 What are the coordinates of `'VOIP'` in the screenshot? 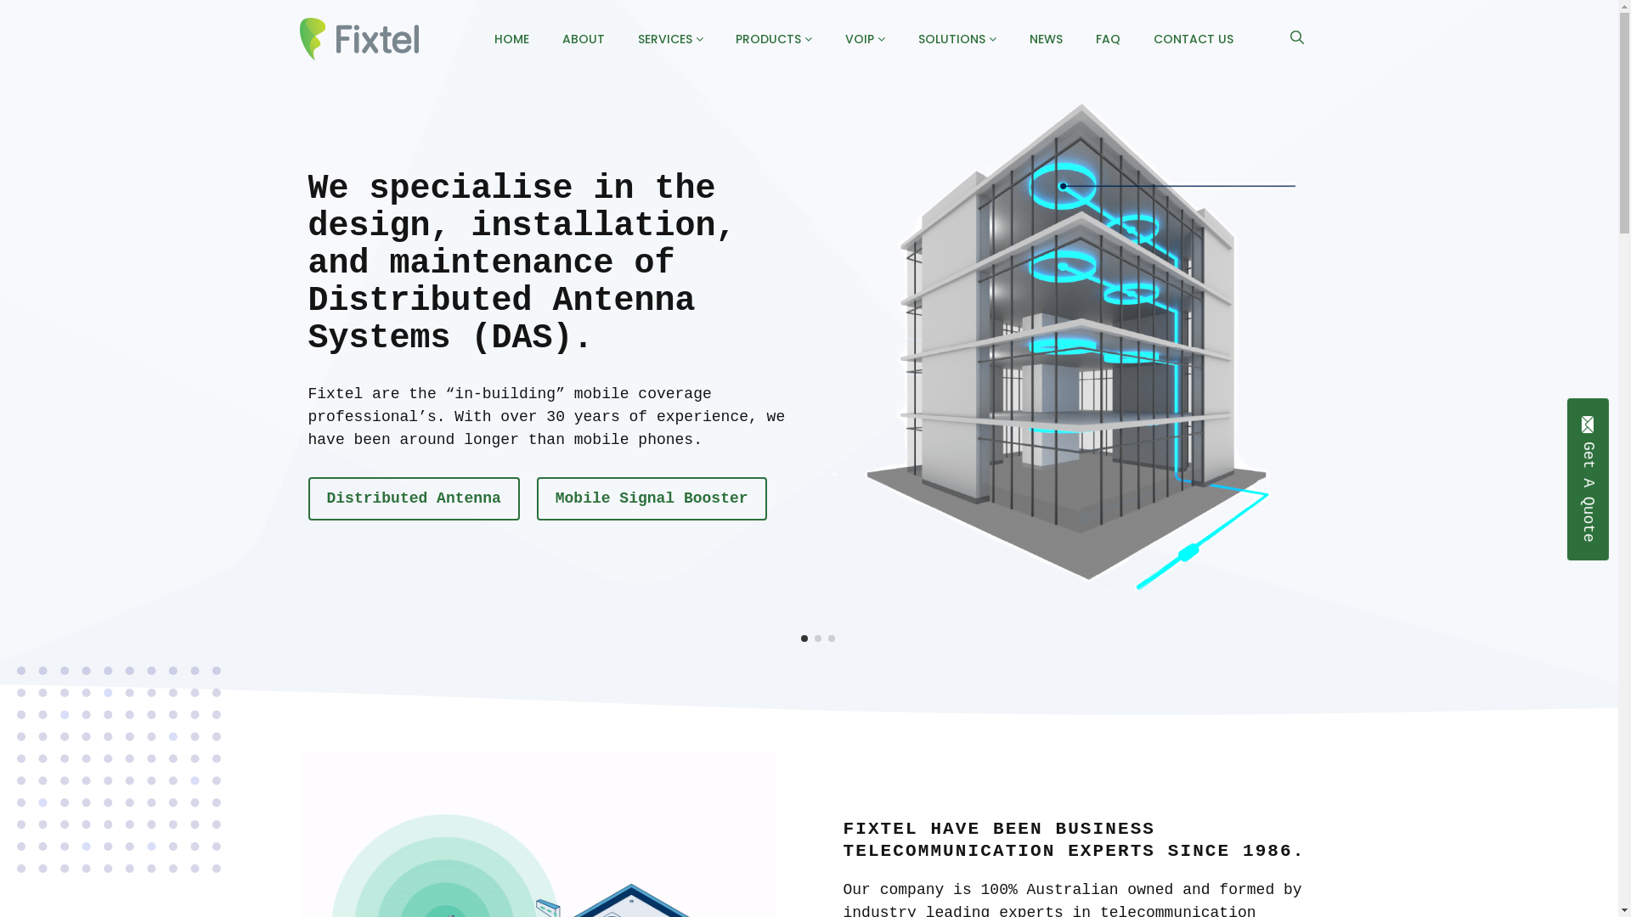 It's located at (865, 38).